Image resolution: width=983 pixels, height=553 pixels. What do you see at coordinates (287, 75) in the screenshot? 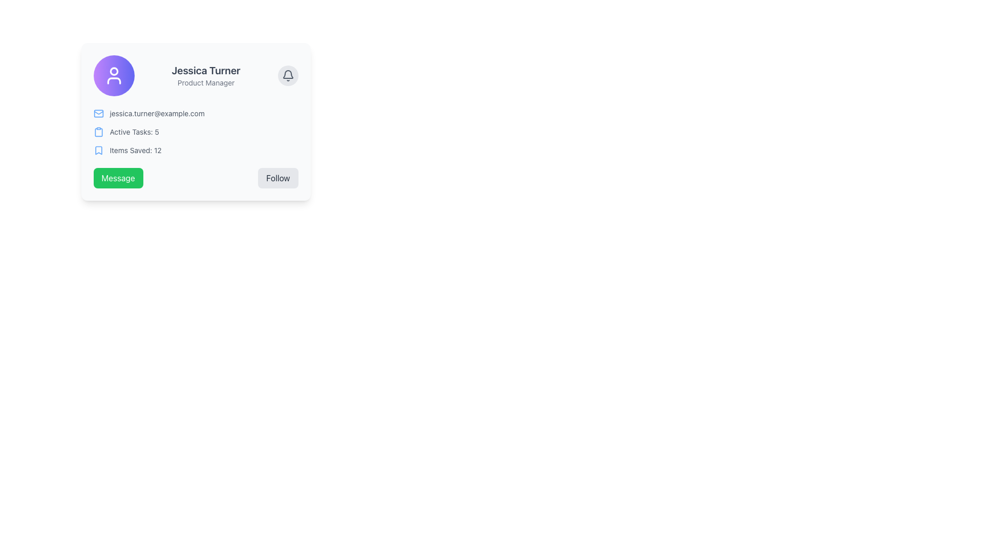
I see `the notification toggle button located at the top-right of the user information card, adjacent to 'Jessica Turner'` at bounding box center [287, 75].